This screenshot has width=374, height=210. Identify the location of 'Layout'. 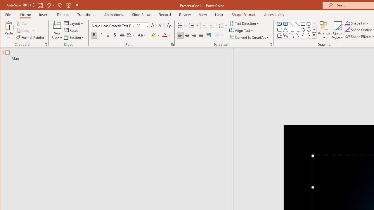
(74, 23).